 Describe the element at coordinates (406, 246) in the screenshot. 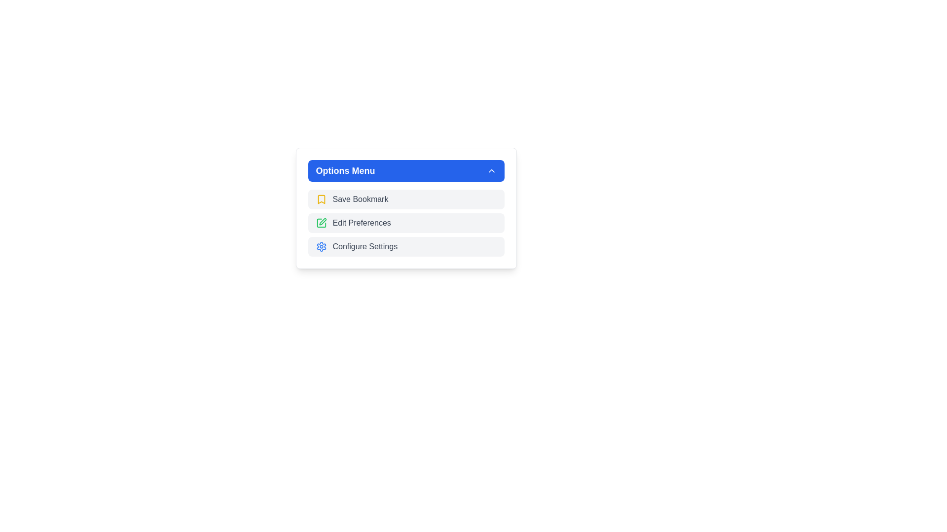

I see `keyboard navigation` at that location.